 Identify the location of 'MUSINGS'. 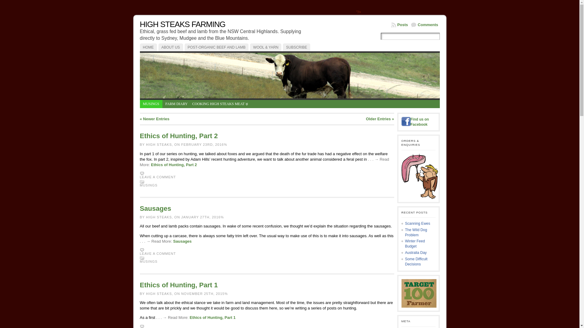
(149, 261).